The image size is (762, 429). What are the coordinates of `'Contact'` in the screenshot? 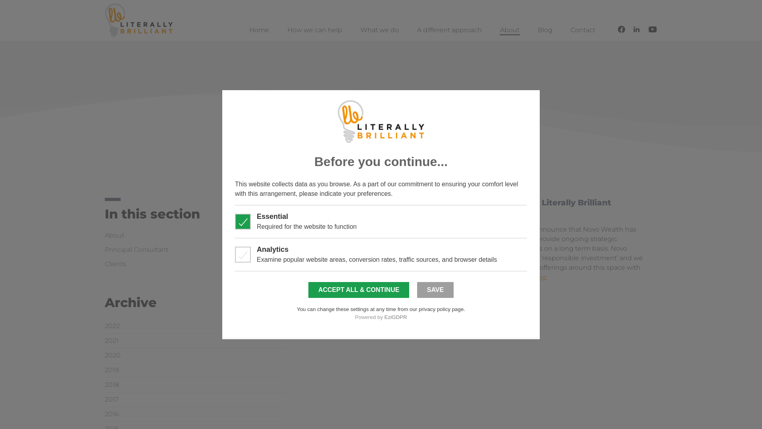 It's located at (583, 30).